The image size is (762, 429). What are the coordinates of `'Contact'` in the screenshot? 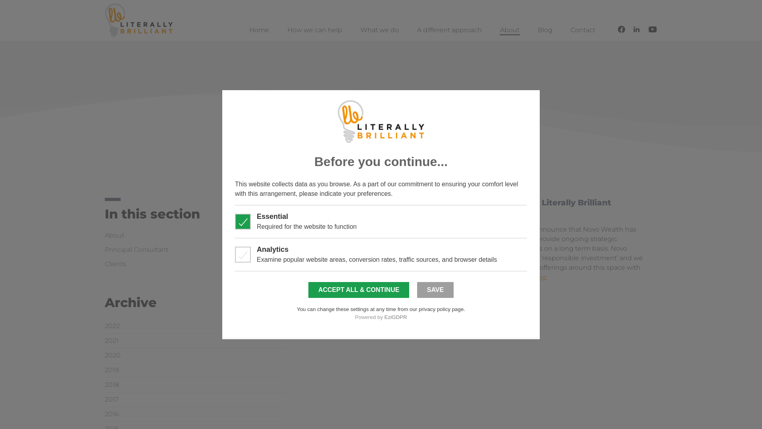 It's located at (583, 30).